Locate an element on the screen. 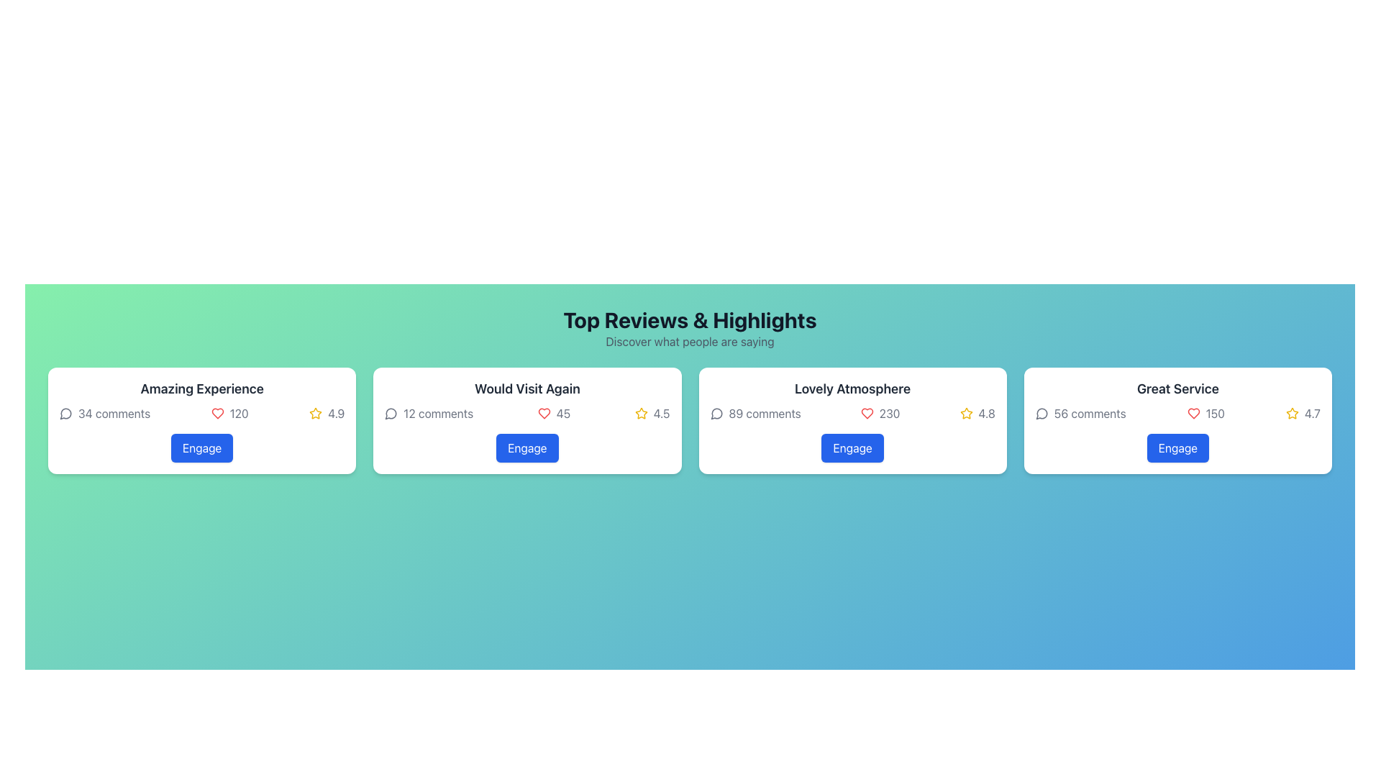  displayed information in the Metrics Display Section, which includes '34 comments', '120', and '4.9' ratings, located below the title of the card titled 'Amazing Experience' is located at coordinates (201, 413).